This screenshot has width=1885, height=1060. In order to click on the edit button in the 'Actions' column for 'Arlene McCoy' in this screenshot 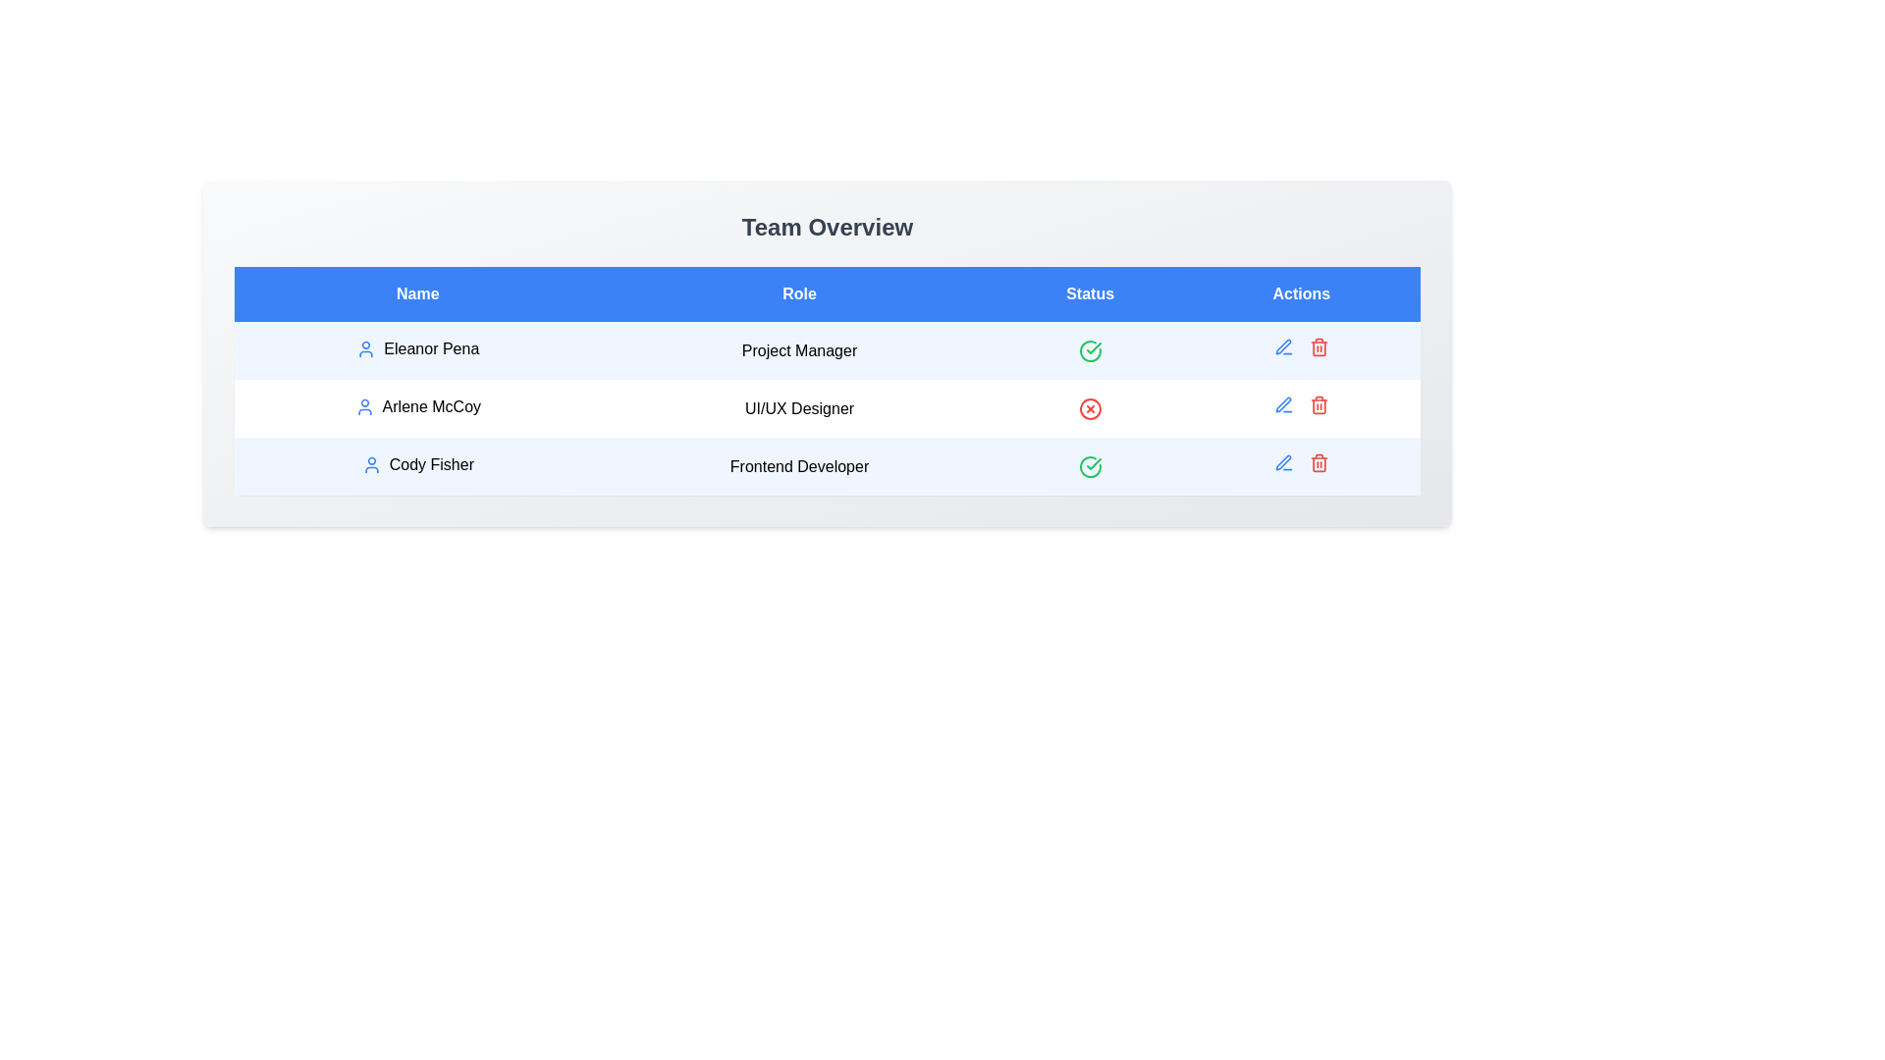, I will do `click(1283, 403)`.